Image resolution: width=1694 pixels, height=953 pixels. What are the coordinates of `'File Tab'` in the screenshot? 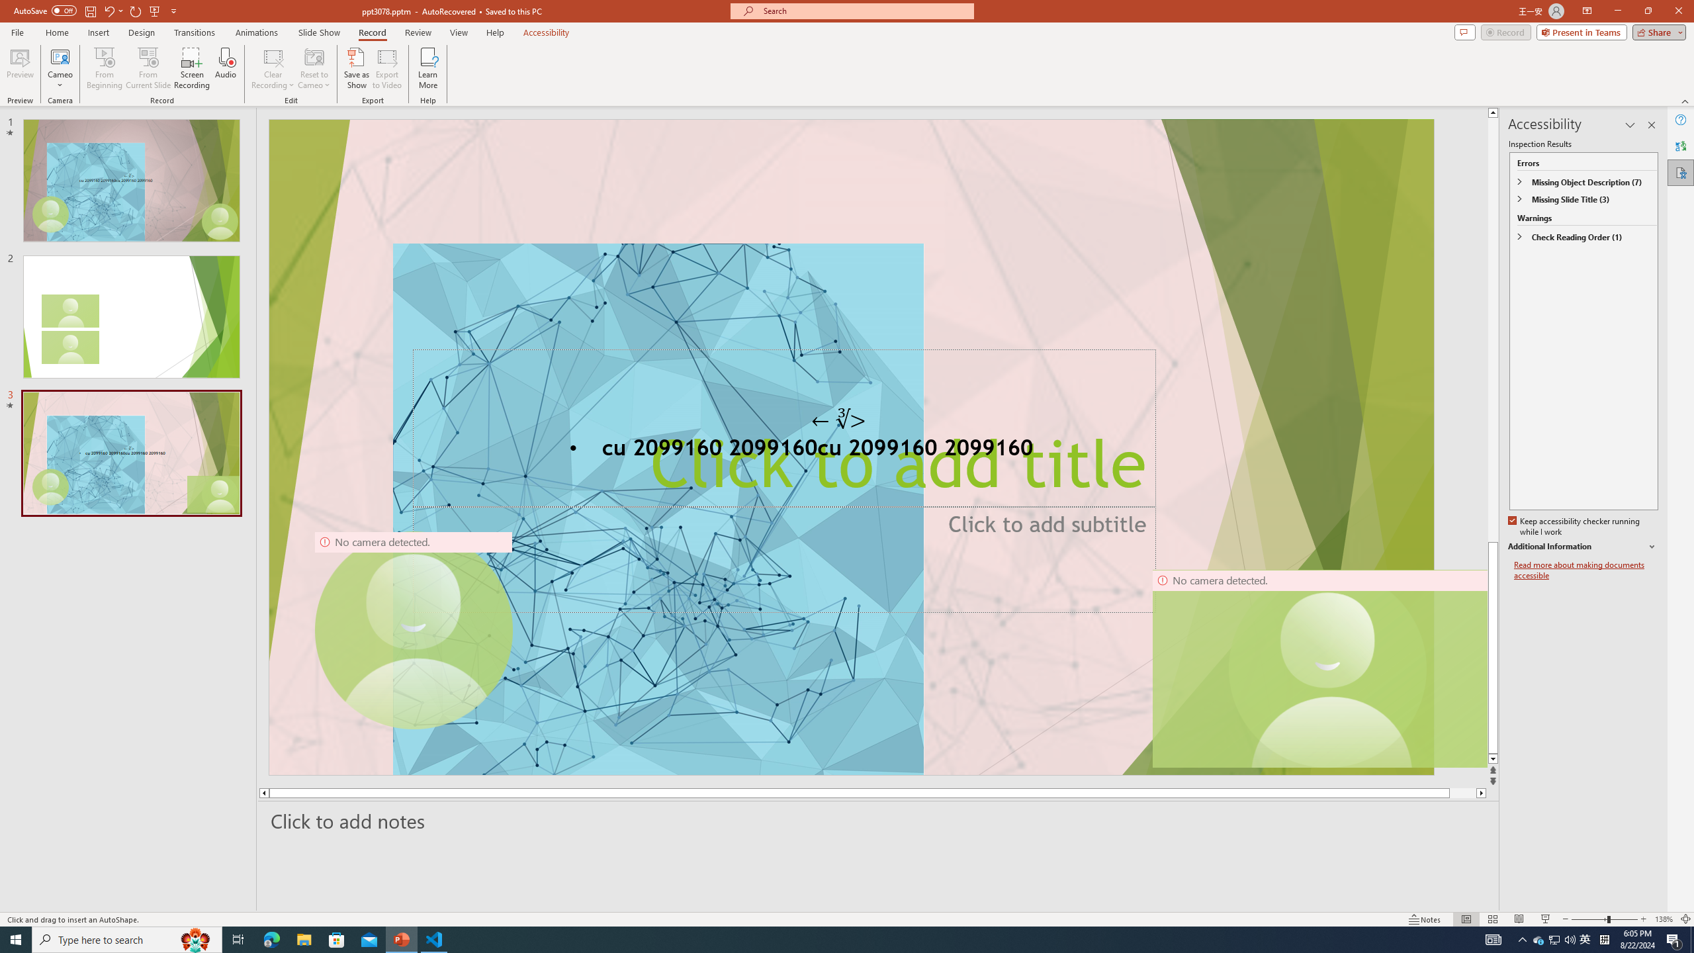 It's located at (17, 31).